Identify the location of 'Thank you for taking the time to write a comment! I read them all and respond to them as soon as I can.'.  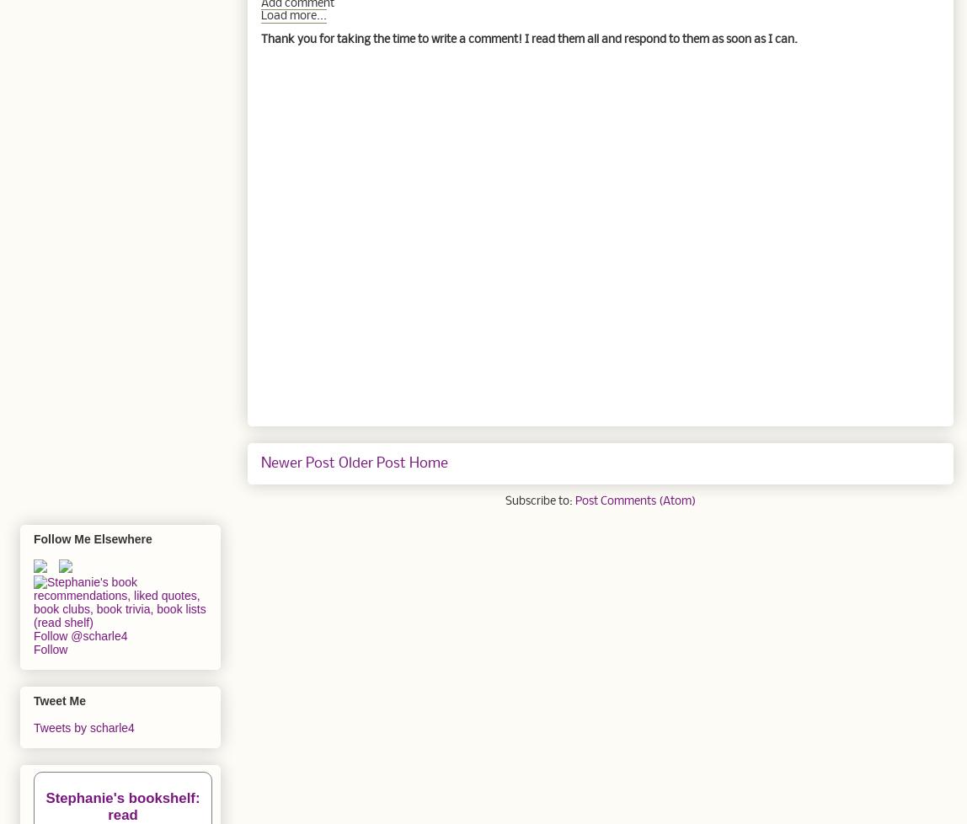
(528, 39).